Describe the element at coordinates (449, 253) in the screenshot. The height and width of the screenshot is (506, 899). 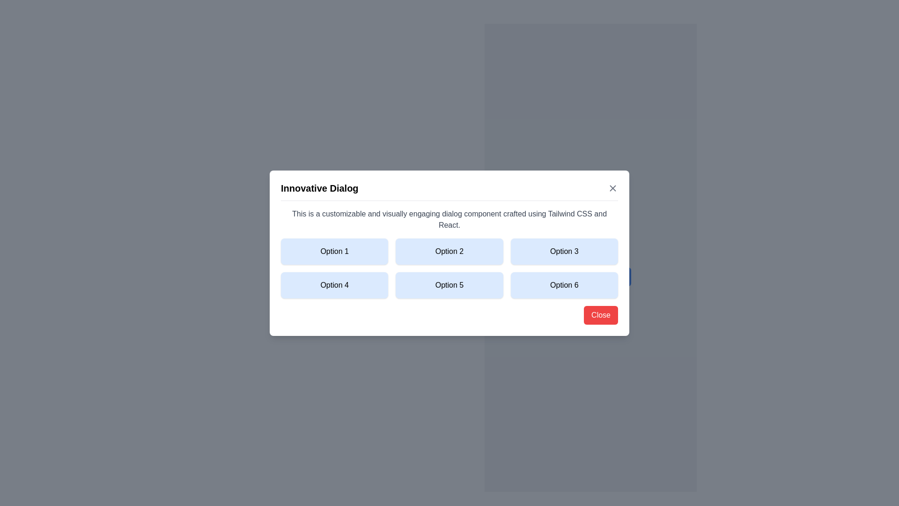
I see `the dialog background to close the dialog` at that location.